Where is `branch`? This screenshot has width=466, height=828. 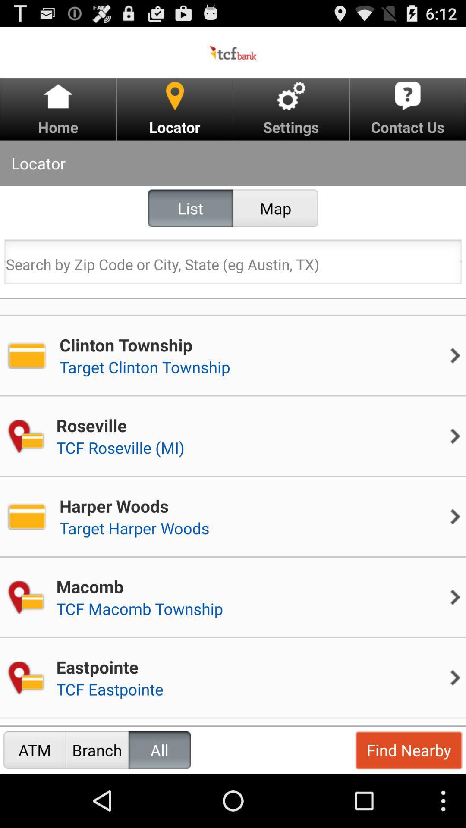
branch is located at coordinates (97, 750).